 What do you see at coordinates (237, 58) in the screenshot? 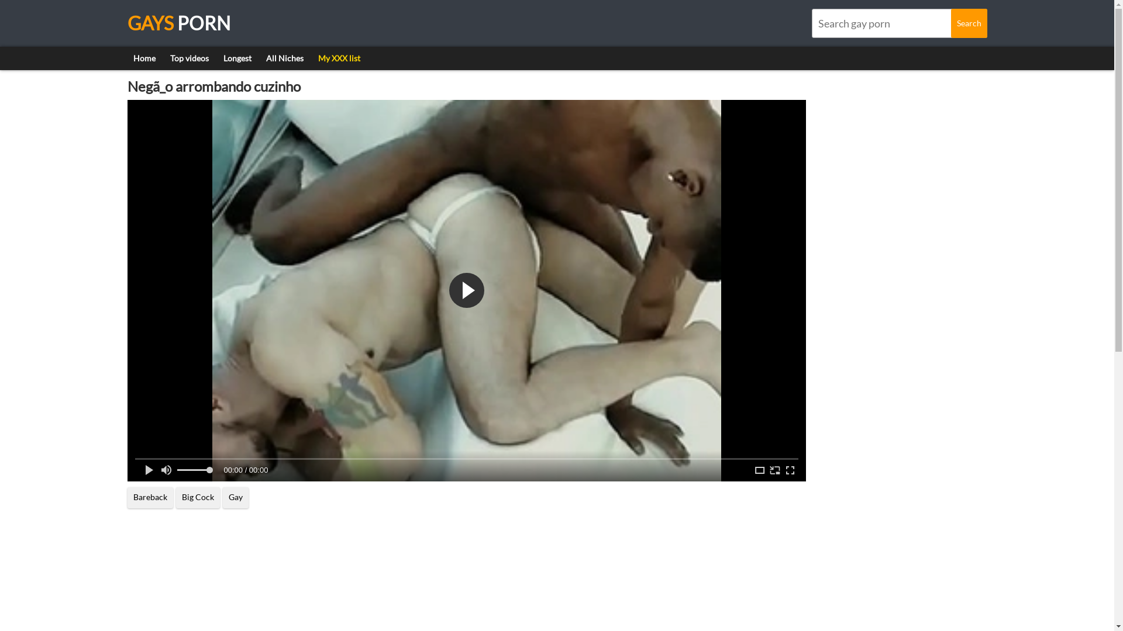
I see `'Longest'` at bounding box center [237, 58].